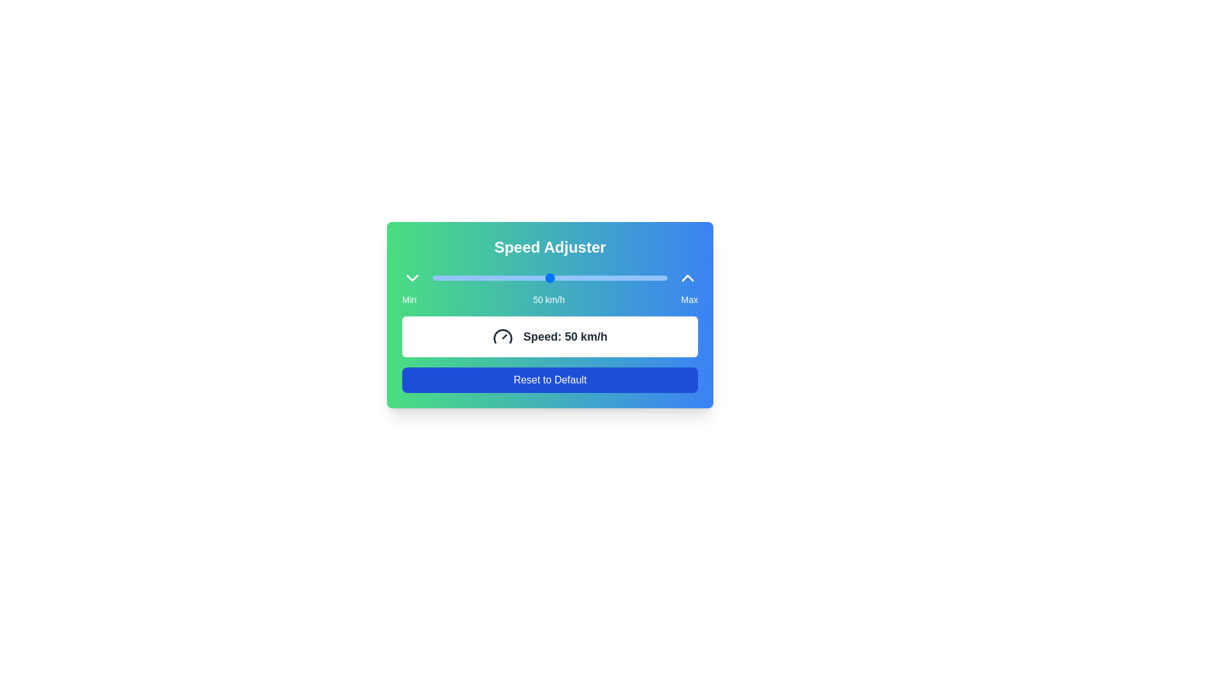  I want to click on the slider position, so click(660, 277).